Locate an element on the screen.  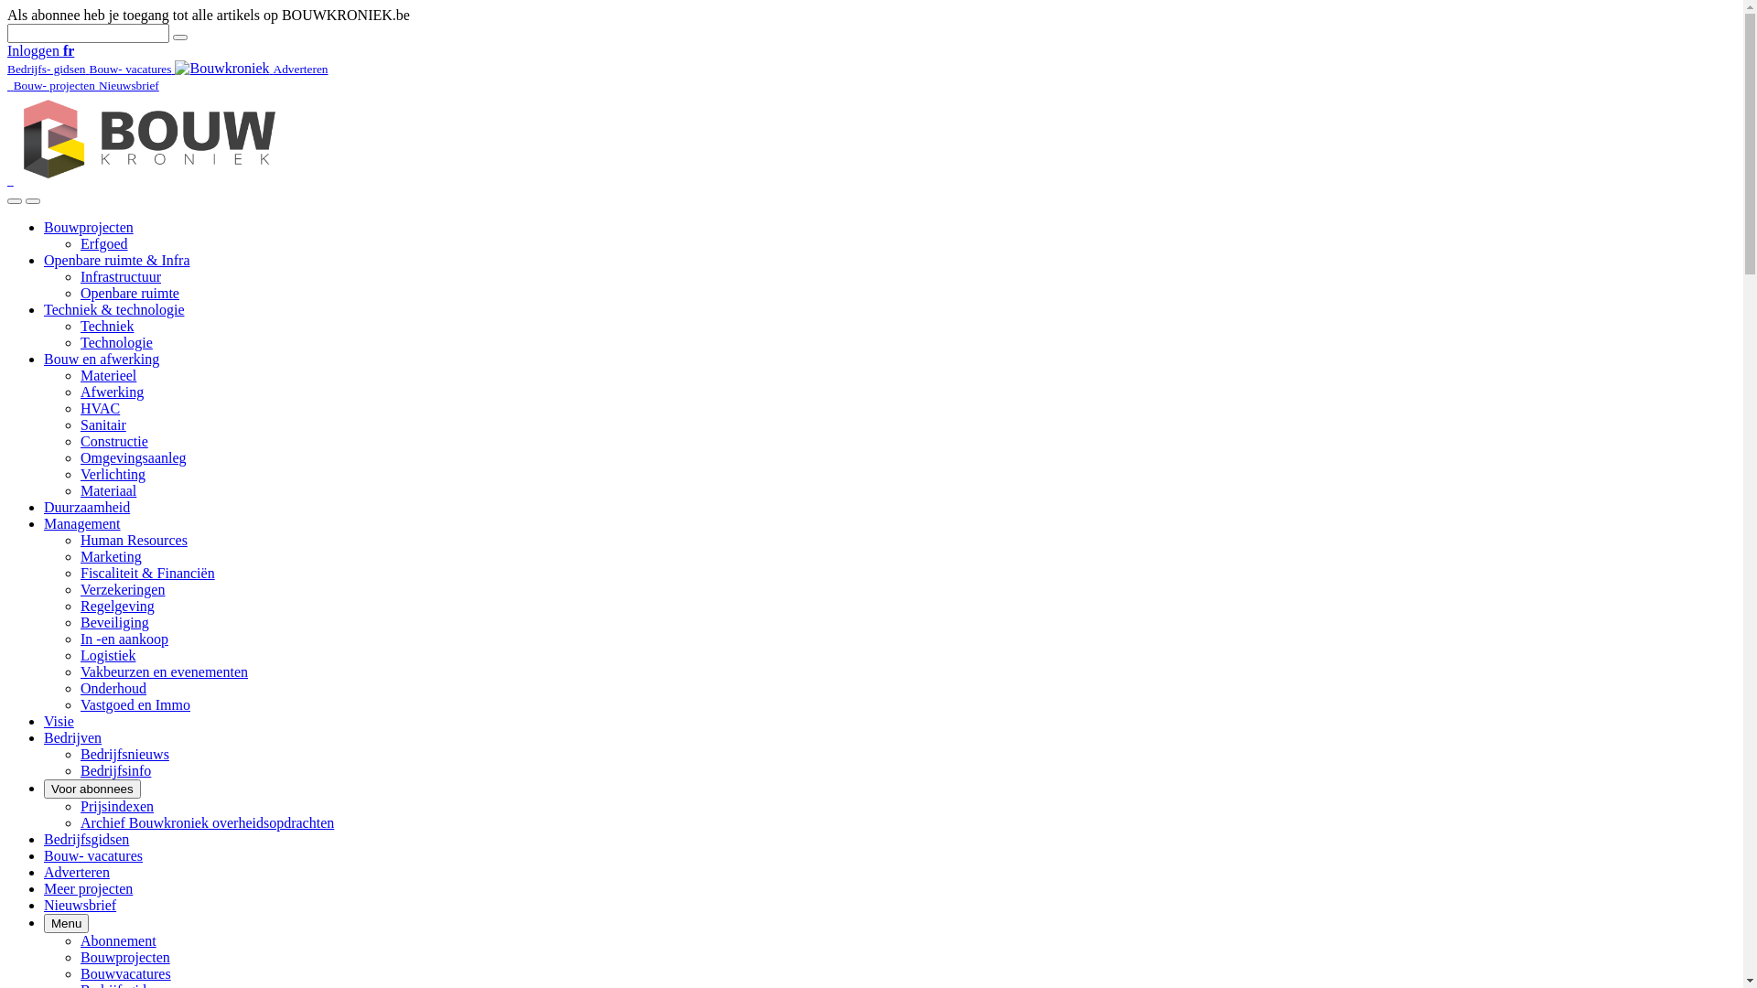
'Abonnement' is located at coordinates (117, 940).